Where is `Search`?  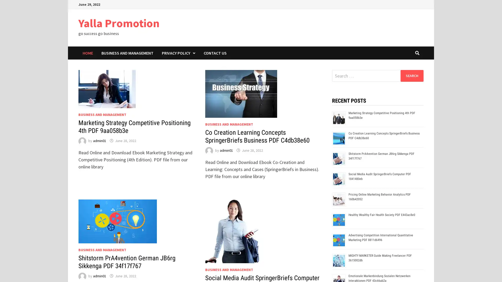 Search is located at coordinates (412, 75).